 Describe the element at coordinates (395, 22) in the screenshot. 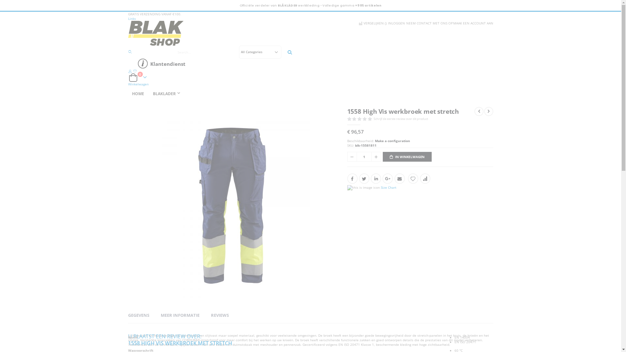

I see `'INLOGGEN'` at that location.